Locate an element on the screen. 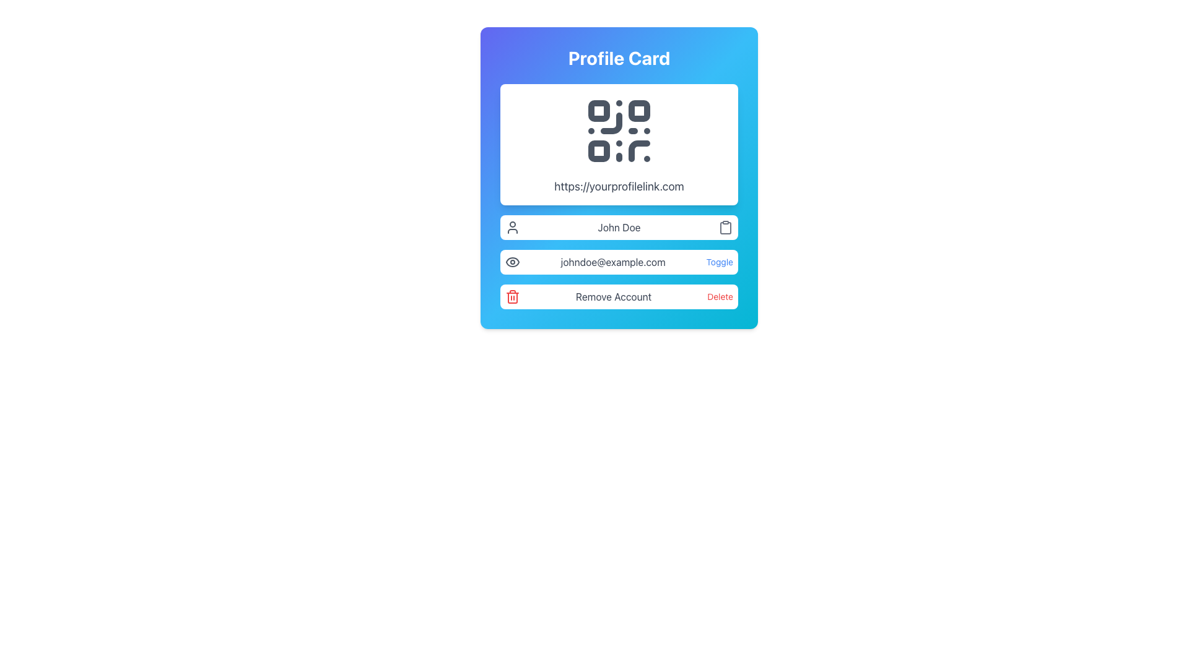  the second square from the top-left within the QR code, which is part of the visual component used for identification or link redirection is located at coordinates (639, 110).